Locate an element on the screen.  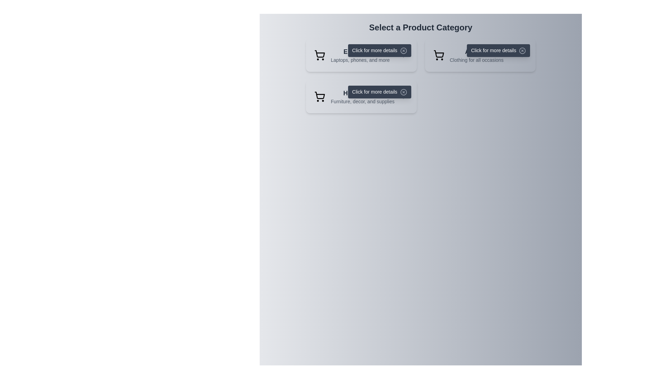
the right-pointing chevron icon styled as an SVG within the 'Click for more details' button associated with the 'Home' category is located at coordinates (404, 97).